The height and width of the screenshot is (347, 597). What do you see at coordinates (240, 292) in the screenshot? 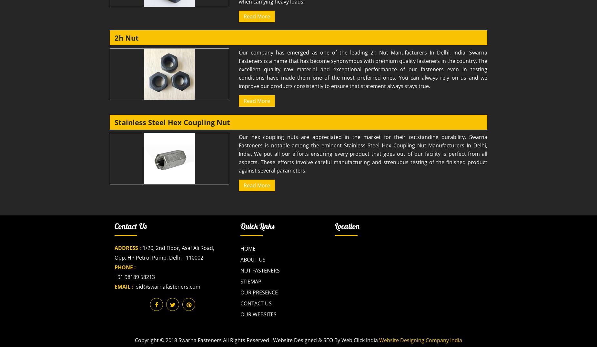
I see `'Our Presence'` at bounding box center [240, 292].